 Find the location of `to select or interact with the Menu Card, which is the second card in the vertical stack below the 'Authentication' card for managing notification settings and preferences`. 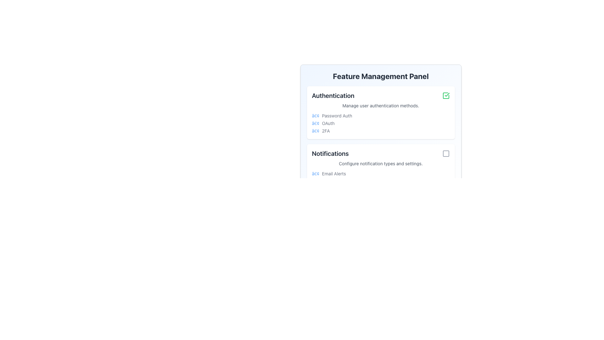

to select or interact with the Menu Card, which is the second card in the vertical stack below the 'Authentication' card for managing notification settings and preferences is located at coordinates (380, 171).